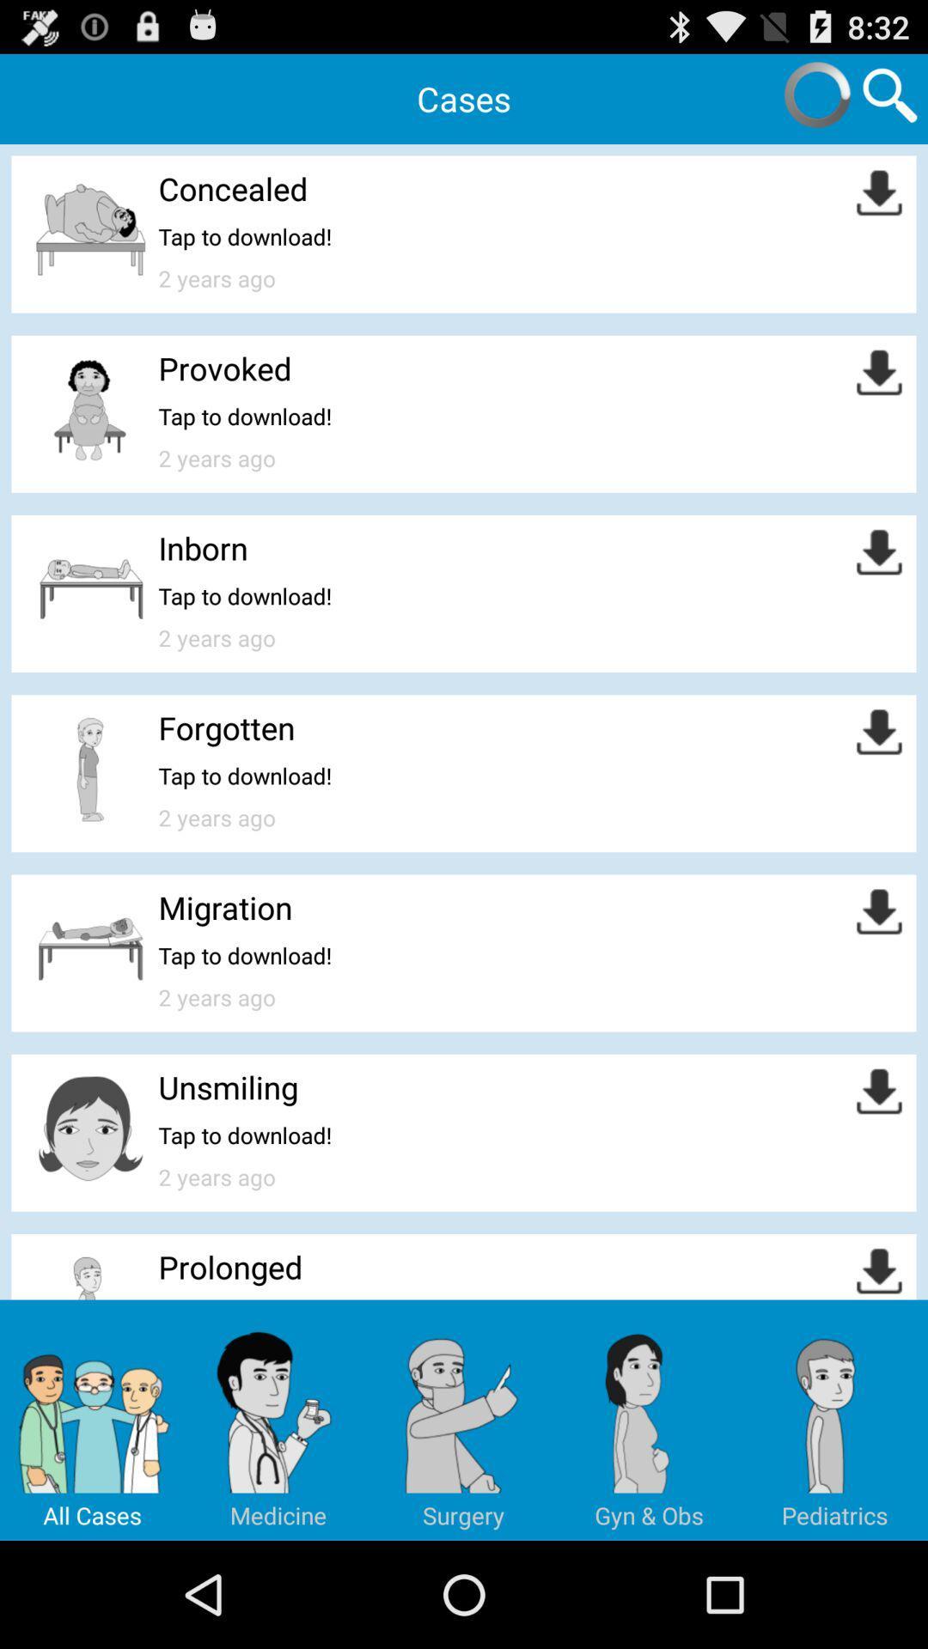 The image size is (928, 1649). What do you see at coordinates (227, 1086) in the screenshot?
I see `unsmiling app` at bounding box center [227, 1086].